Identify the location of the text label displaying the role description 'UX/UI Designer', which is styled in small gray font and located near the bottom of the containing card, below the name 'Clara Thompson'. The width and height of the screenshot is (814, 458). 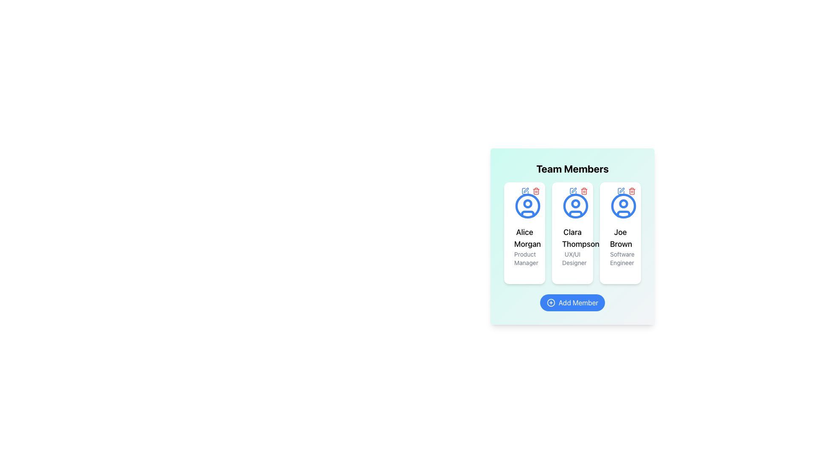
(572, 258).